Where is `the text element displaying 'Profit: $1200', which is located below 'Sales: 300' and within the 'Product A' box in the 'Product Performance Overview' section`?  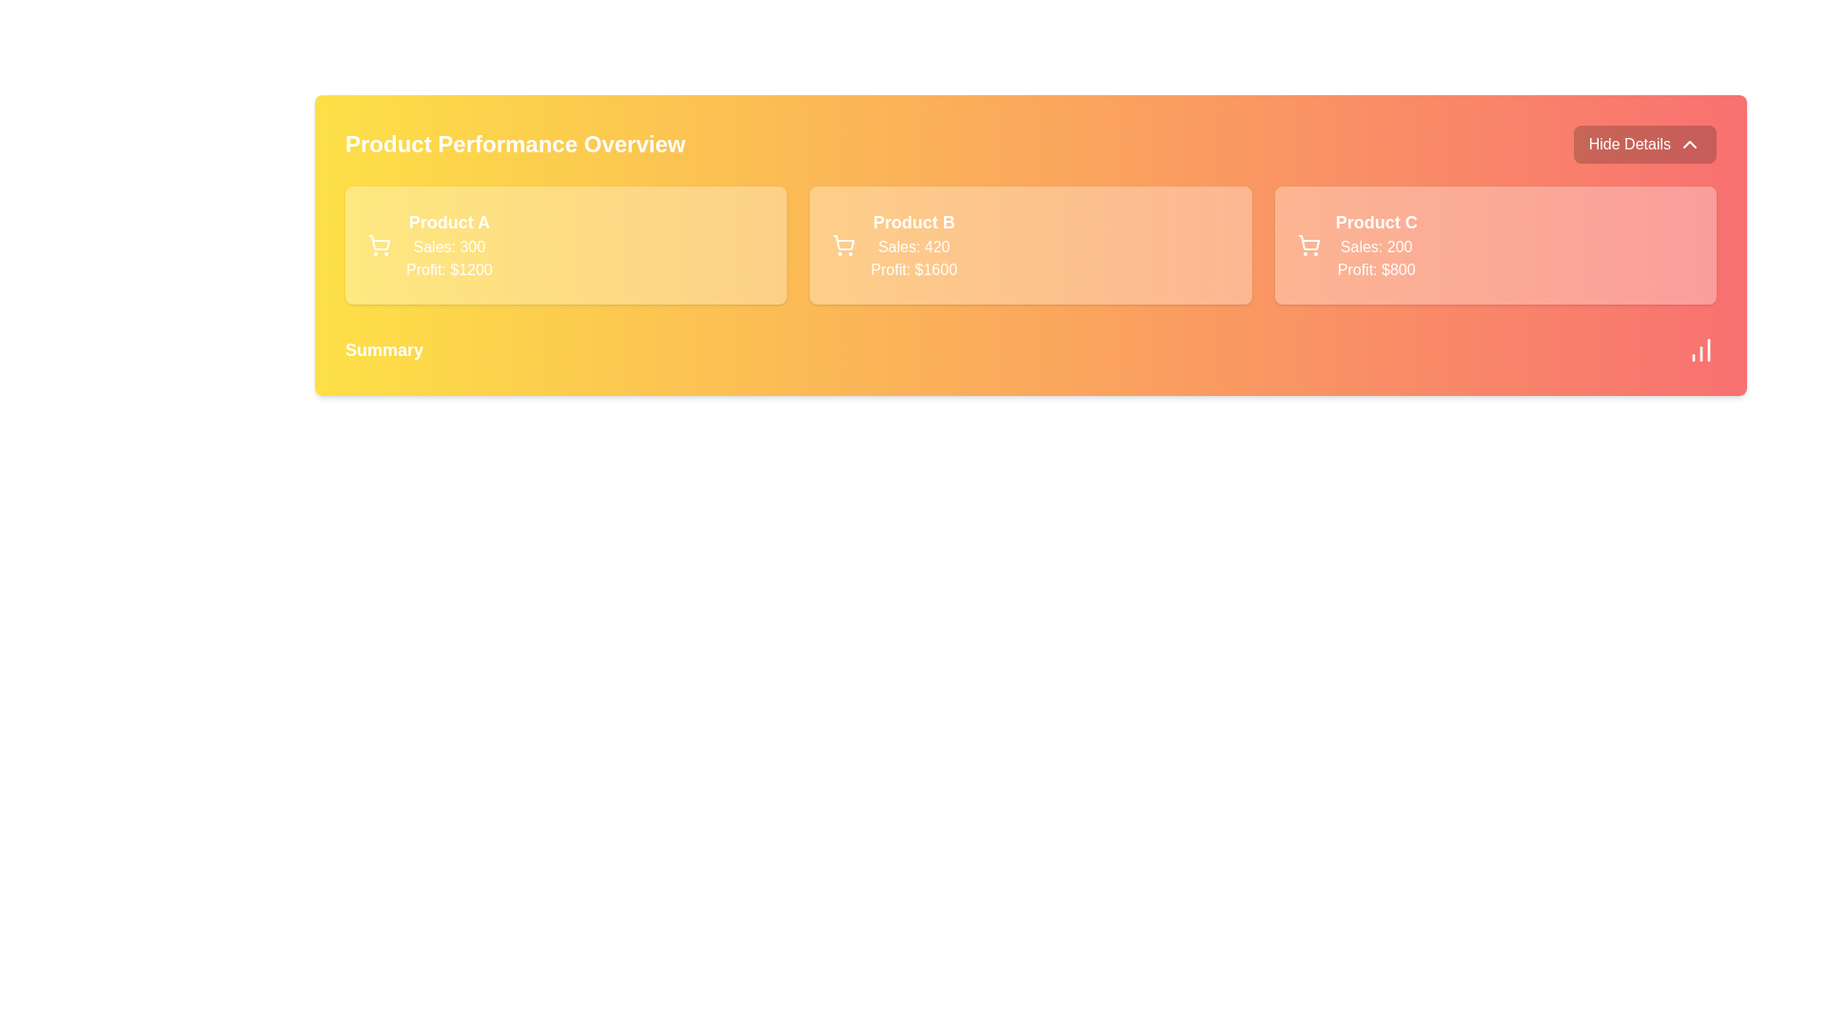 the text element displaying 'Profit: $1200', which is located below 'Sales: 300' and within the 'Product A' box in the 'Product Performance Overview' section is located at coordinates (448, 270).